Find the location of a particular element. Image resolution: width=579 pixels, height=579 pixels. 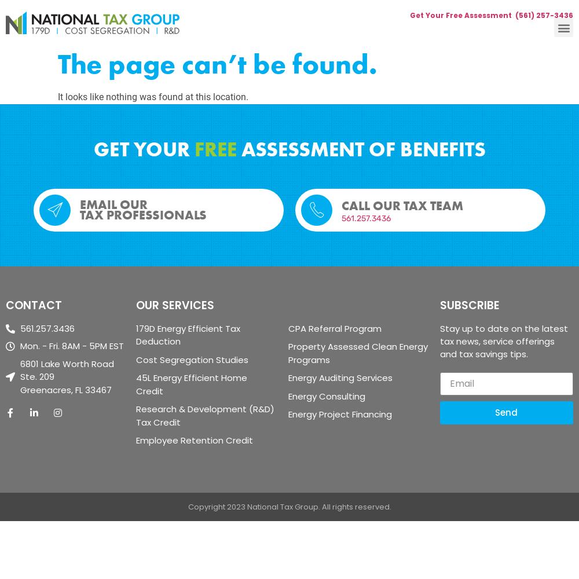

'Property Assessed Clean Energy Programs' is located at coordinates (357, 352).